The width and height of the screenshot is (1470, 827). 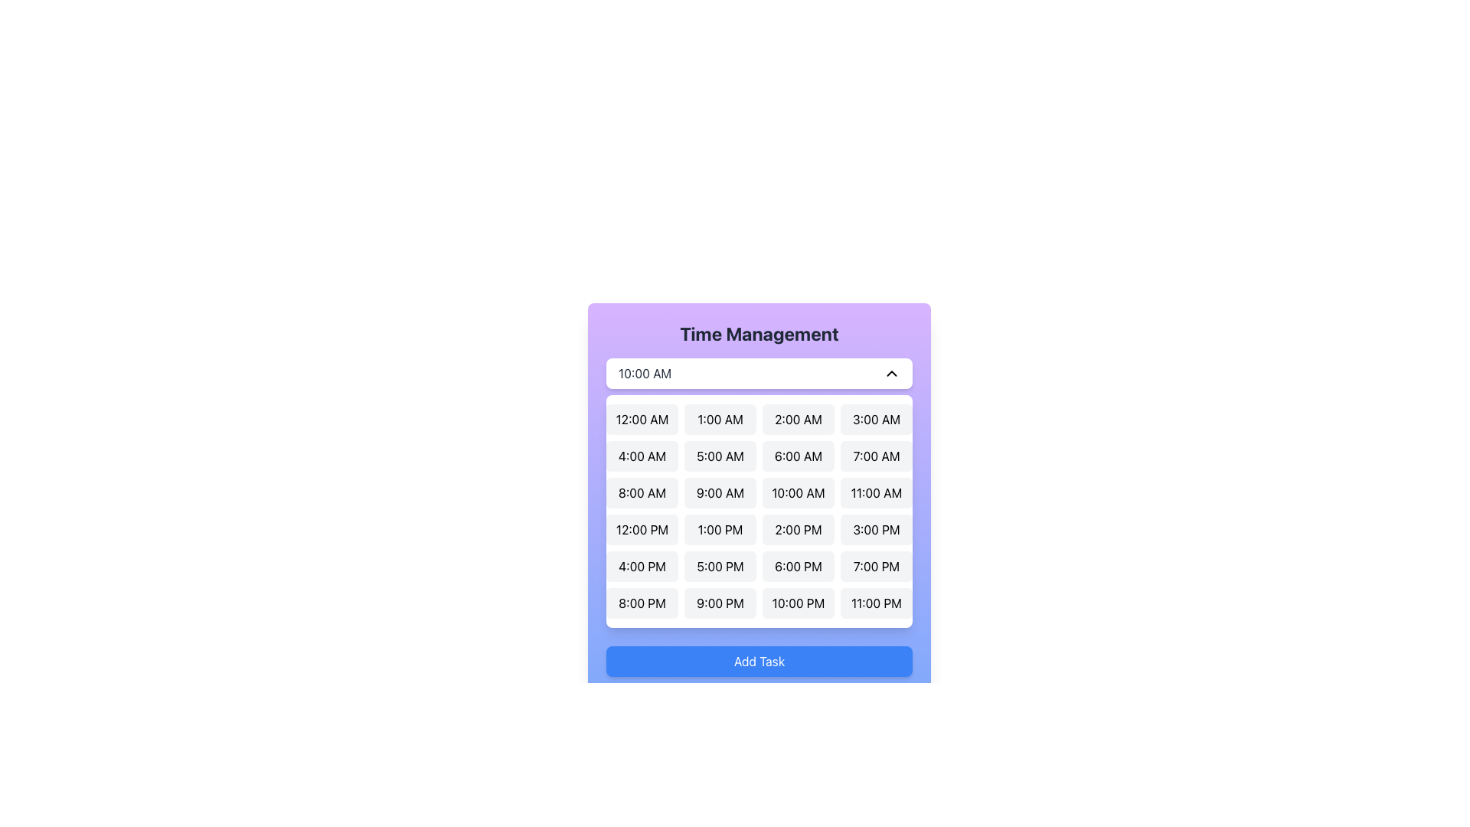 What do you see at coordinates (642, 528) in the screenshot?
I see `the rectangular button labeled '12:00 PM' with rounded edges` at bounding box center [642, 528].